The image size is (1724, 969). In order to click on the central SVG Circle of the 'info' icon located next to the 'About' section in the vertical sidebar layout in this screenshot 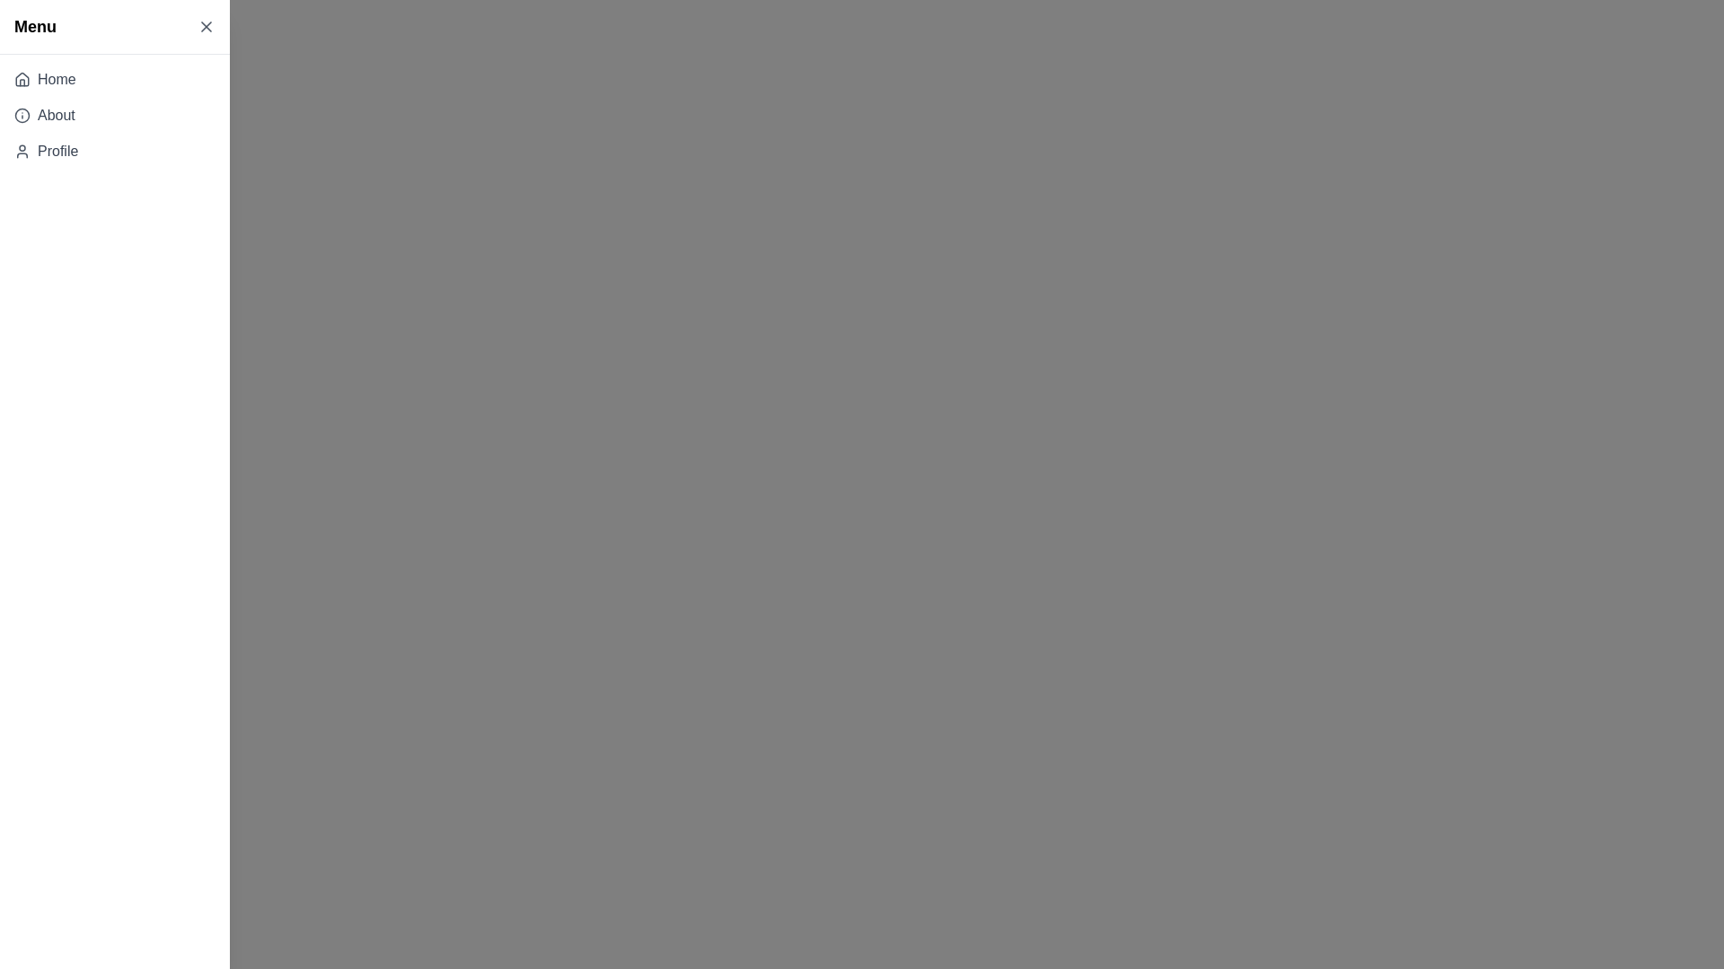, I will do `click(22, 115)`.